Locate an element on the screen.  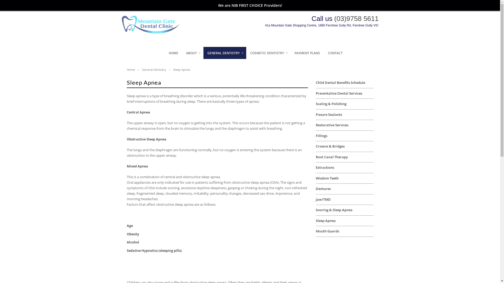
'PAYMENT PLANS' is located at coordinates (307, 53).